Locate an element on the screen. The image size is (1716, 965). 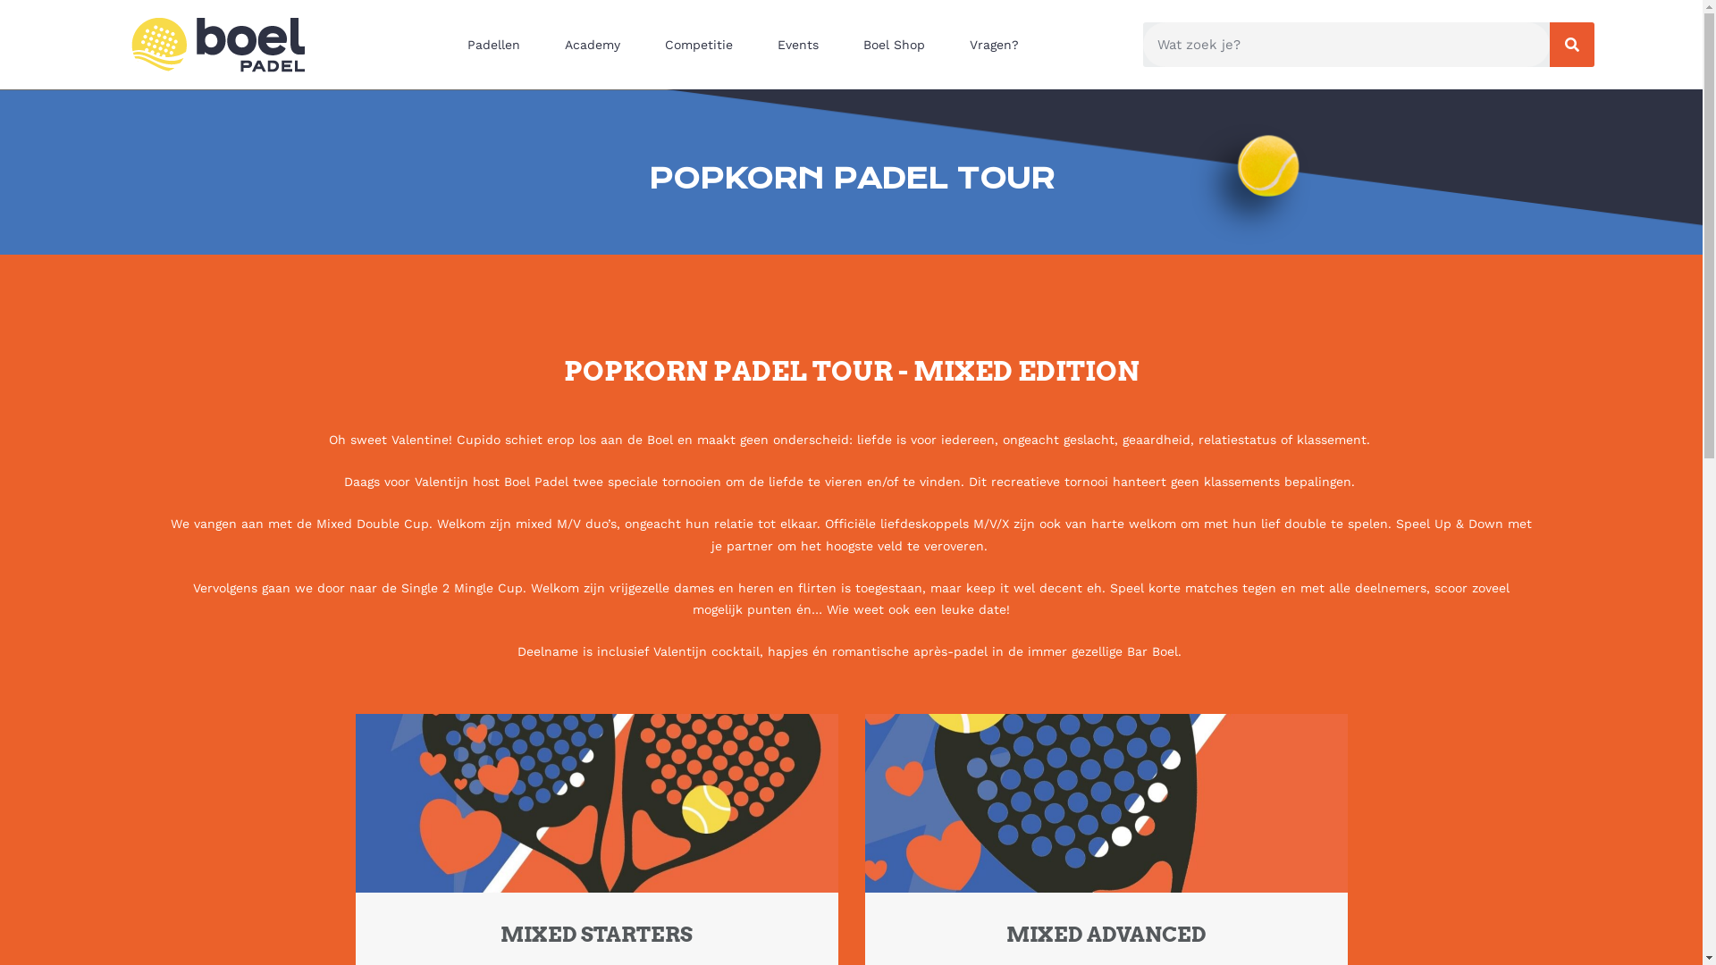
'Boel Shop' is located at coordinates (898, 44).